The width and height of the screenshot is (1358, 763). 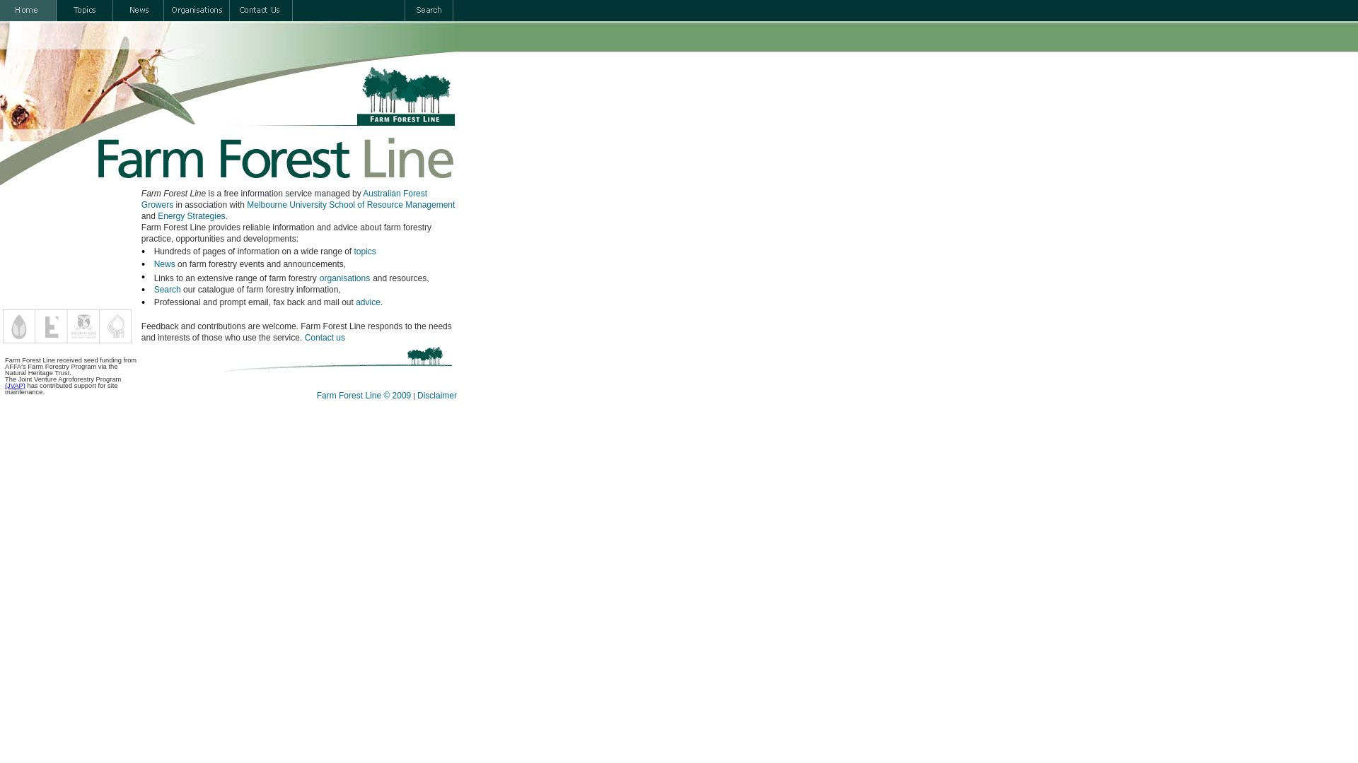 What do you see at coordinates (436, 395) in the screenshot?
I see `'Disclaimer'` at bounding box center [436, 395].